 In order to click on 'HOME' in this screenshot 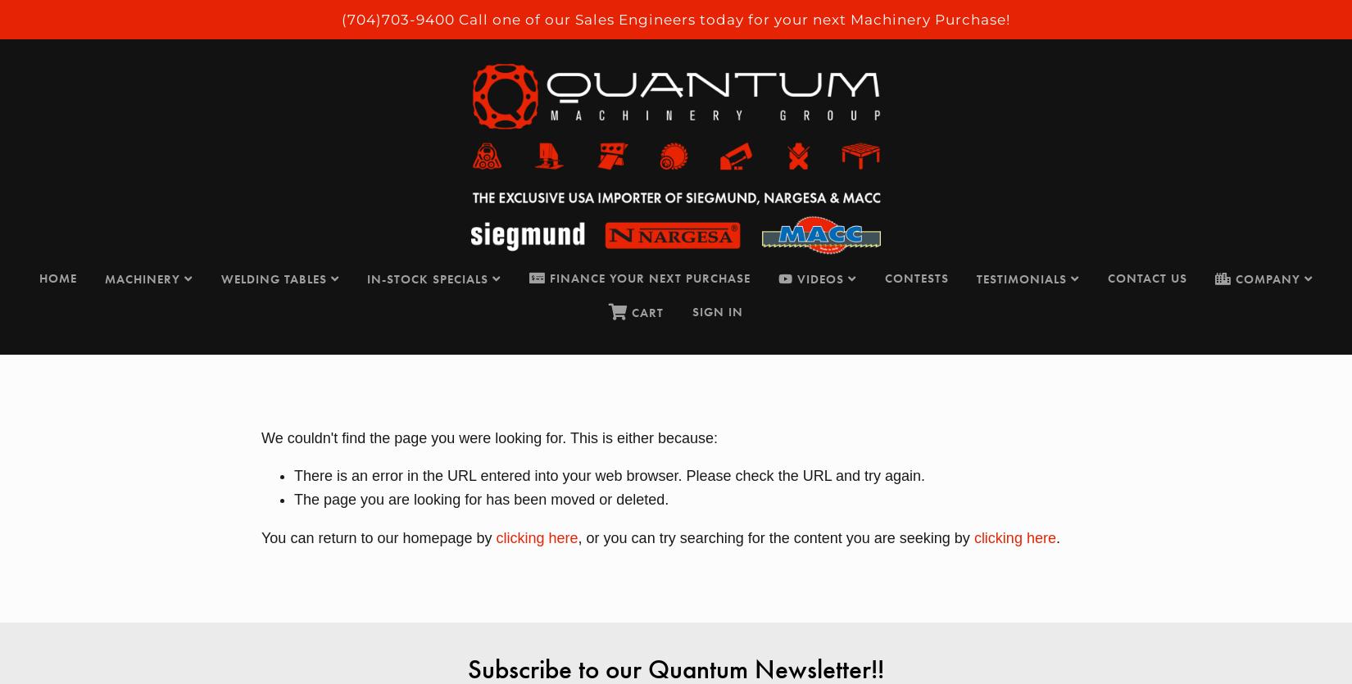, I will do `click(57, 278)`.